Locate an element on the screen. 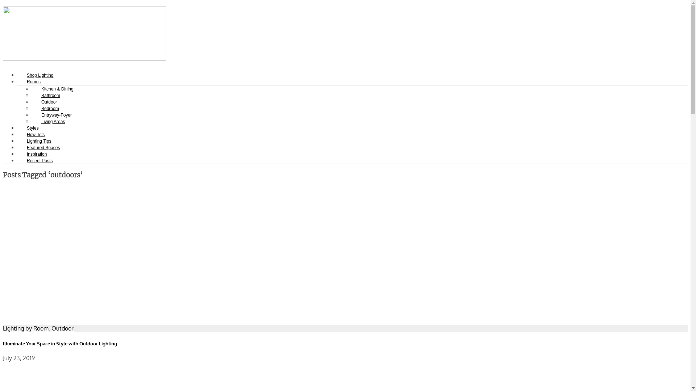  'Bathroom' is located at coordinates (50, 95).